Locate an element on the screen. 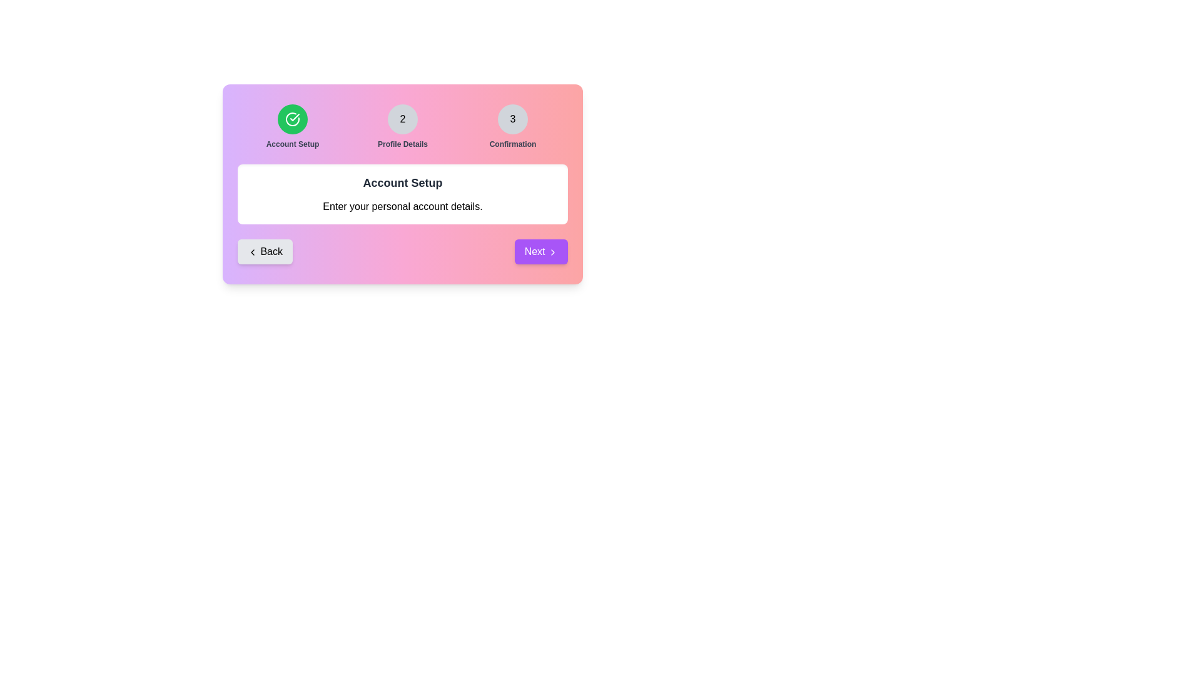 Image resolution: width=1201 pixels, height=675 pixels. the navigation button Next is located at coordinates (541, 251).